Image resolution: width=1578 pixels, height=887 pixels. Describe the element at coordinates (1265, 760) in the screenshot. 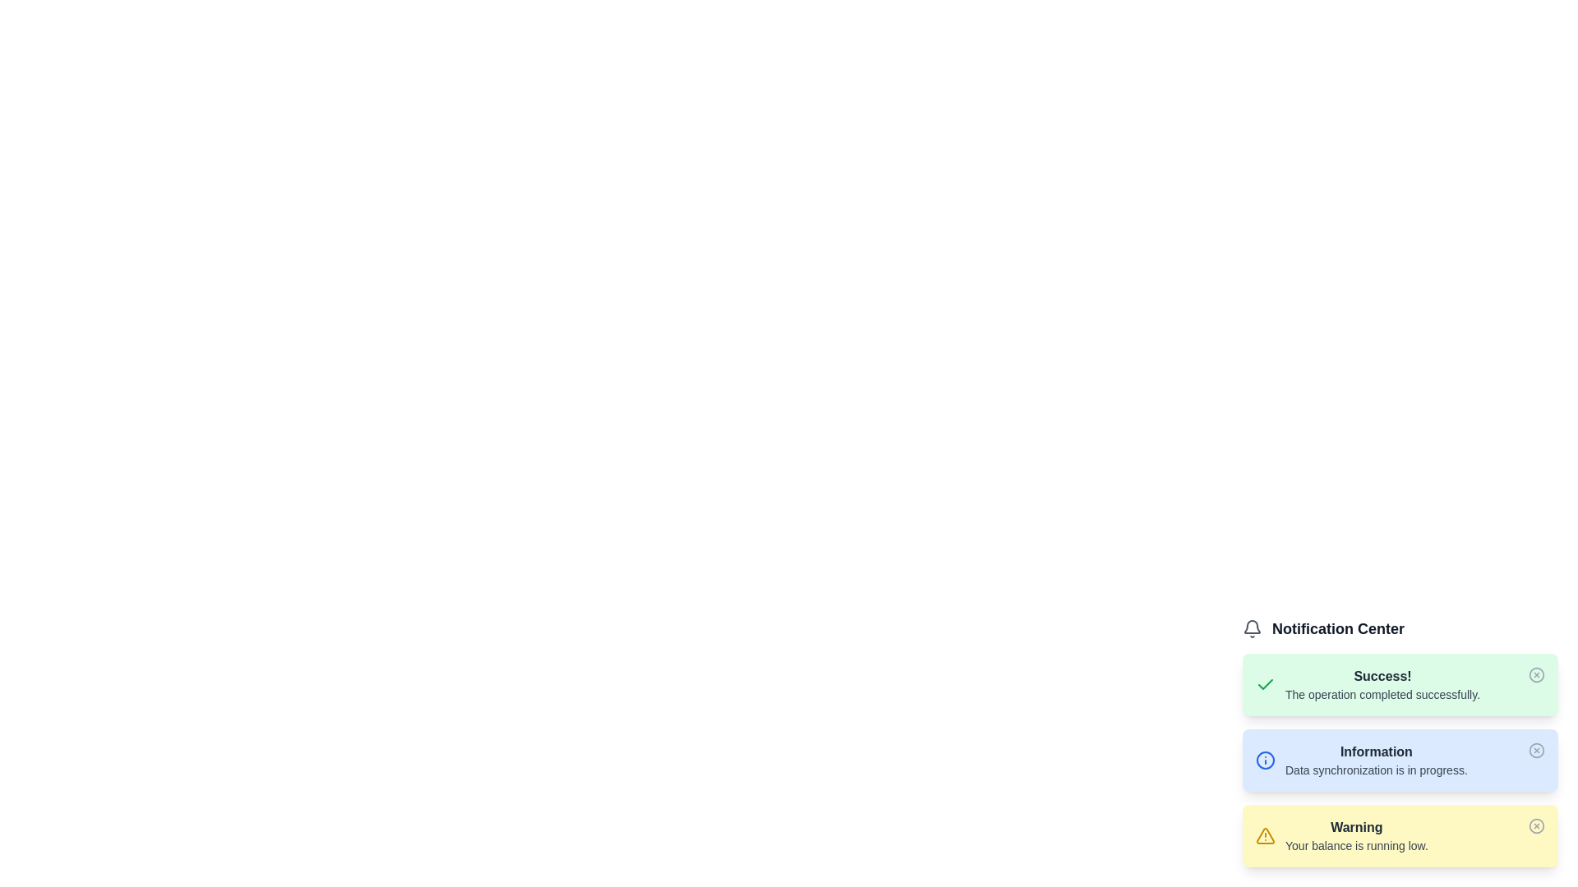

I see `the informational icon located to the left of the text 'Information Data synchronization is in progress.' in the second item of the notification list within the 'Notification Center'` at that location.